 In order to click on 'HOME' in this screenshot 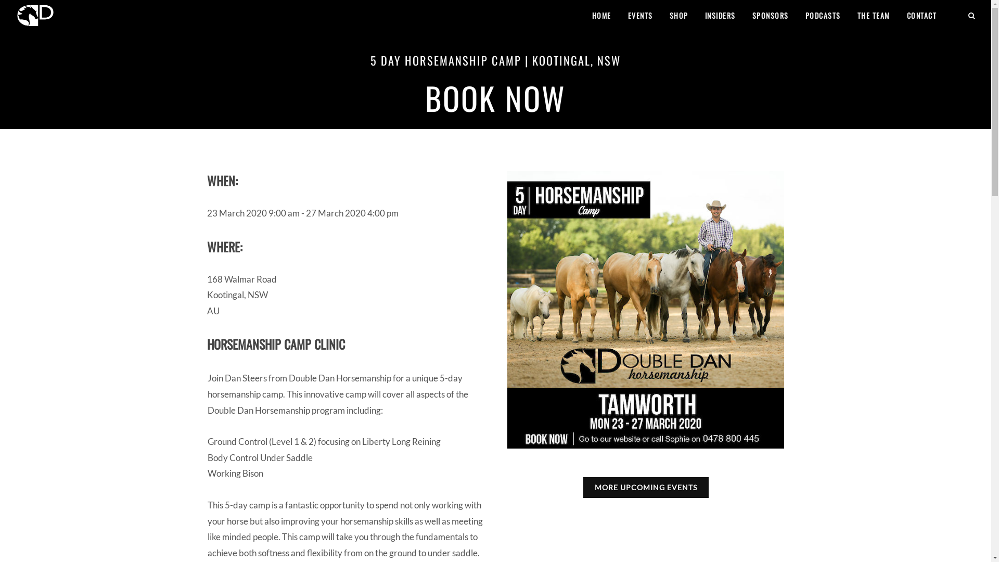, I will do `click(601, 16)`.